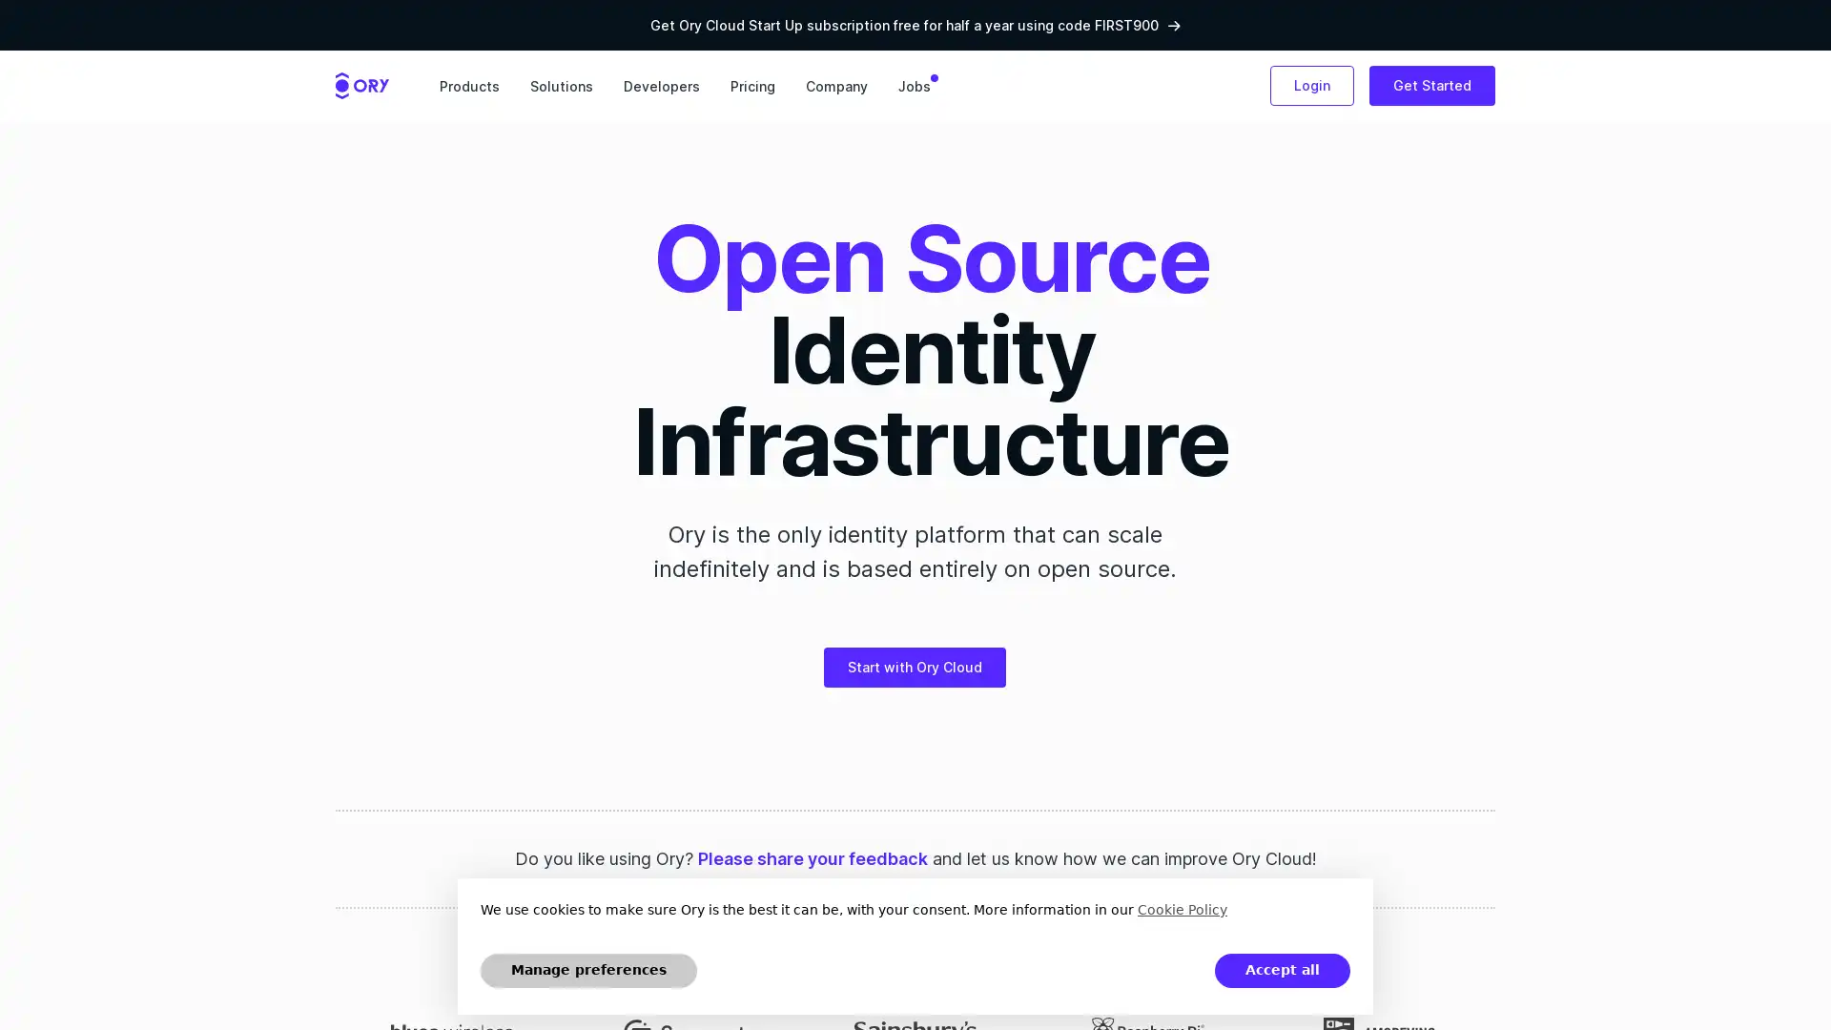 The height and width of the screenshot is (1030, 1831). I want to click on Accept all, so click(1282, 971).